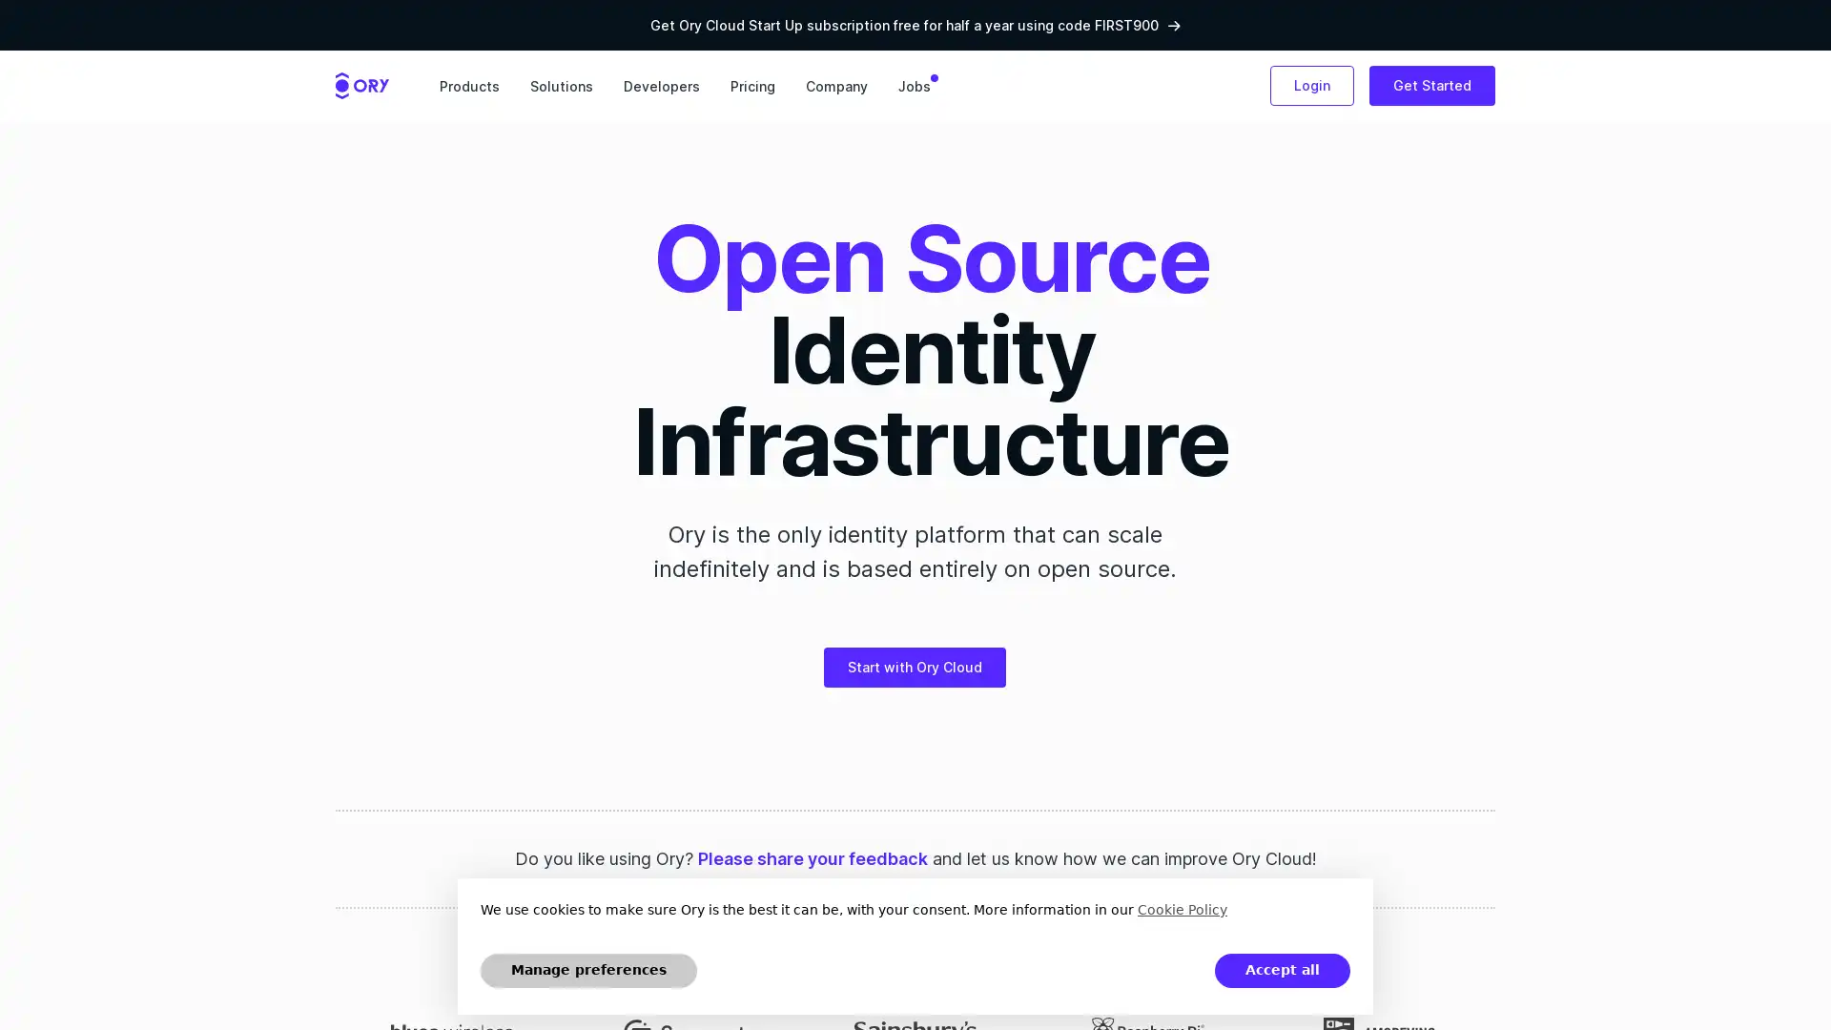 The height and width of the screenshot is (1030, 1831). I want to click on Accept all, so click(1282, 971).